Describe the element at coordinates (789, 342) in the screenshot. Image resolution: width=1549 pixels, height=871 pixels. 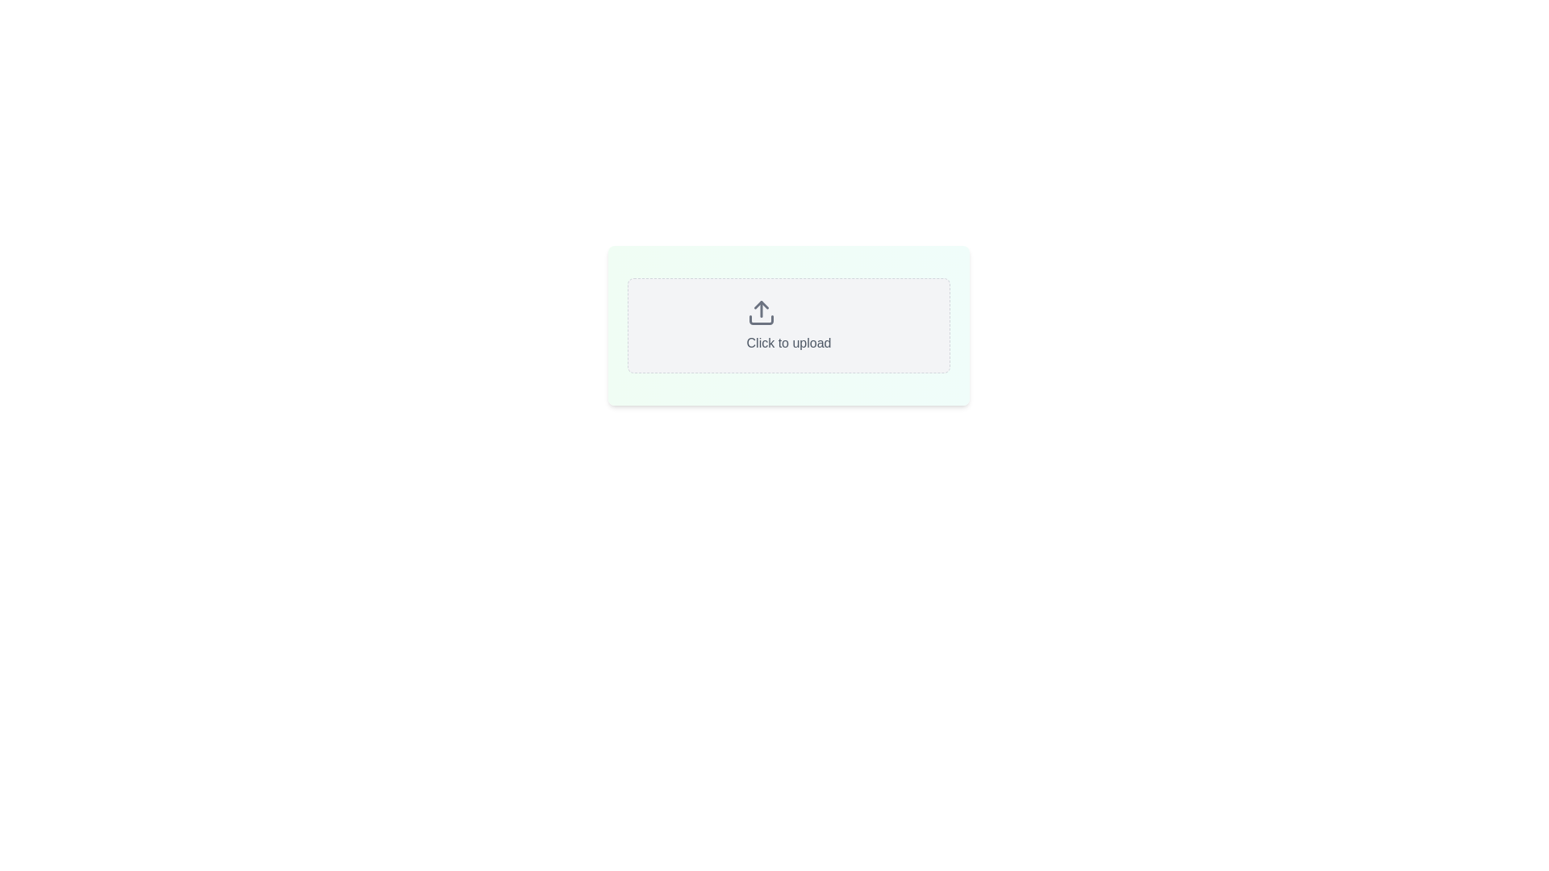
I see `the 'Click to upload' text label located centrally below the upload icon` at that location.